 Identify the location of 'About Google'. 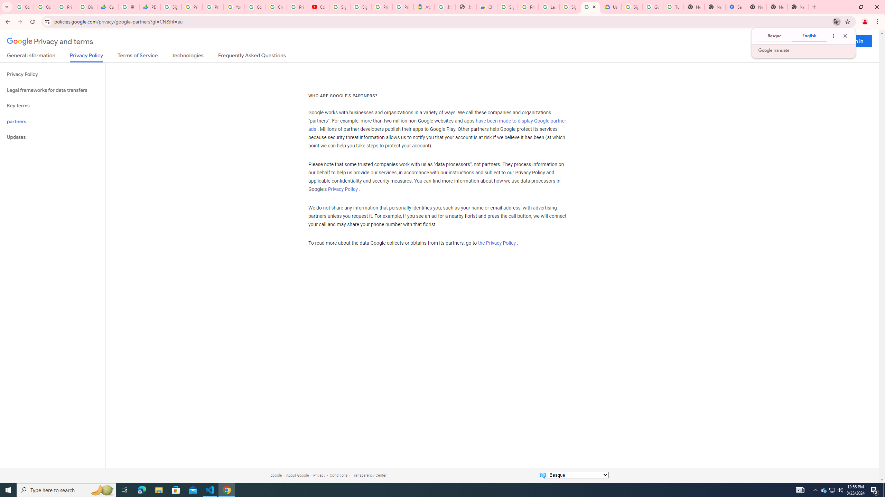
(297, 475).